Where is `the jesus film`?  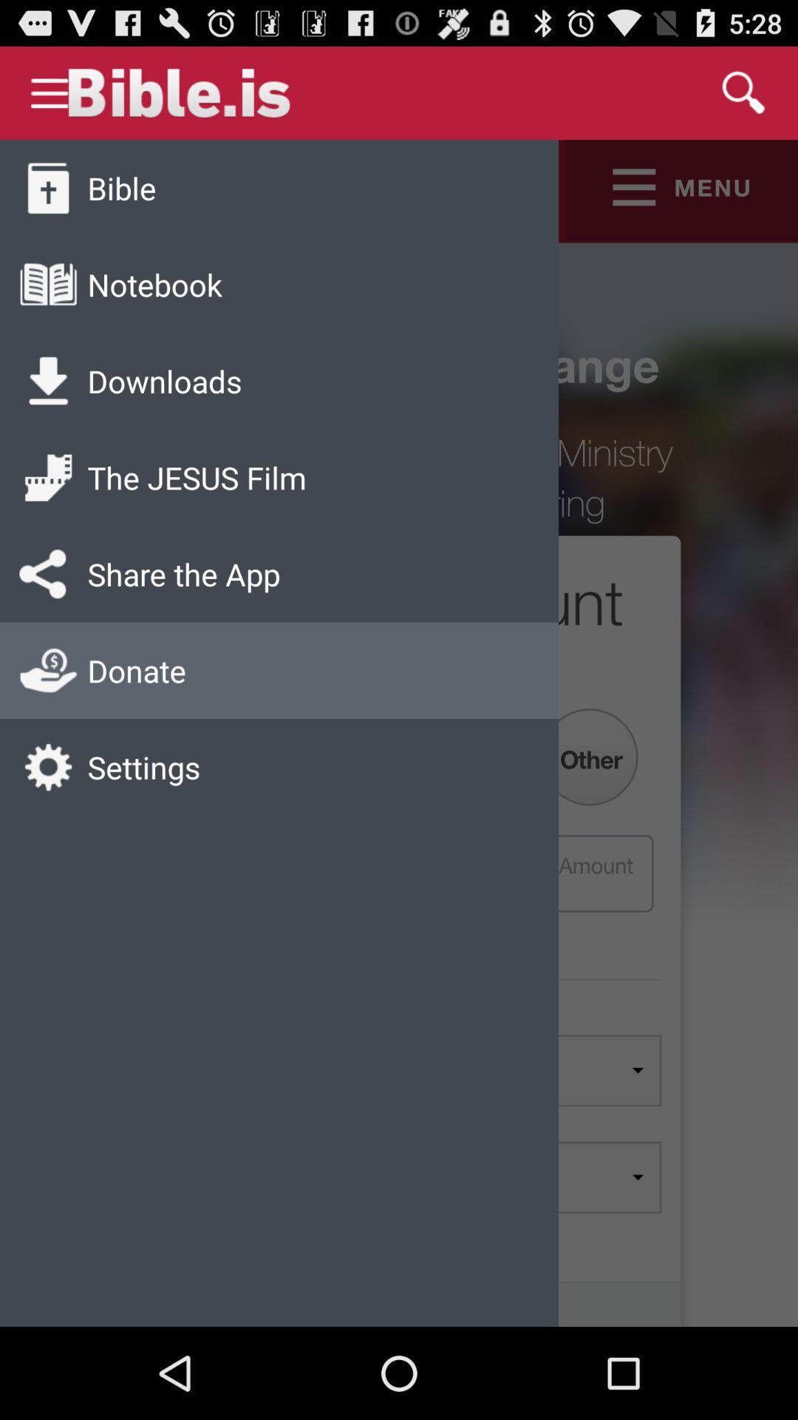 the jesus film is located at coordinates (196, 477).